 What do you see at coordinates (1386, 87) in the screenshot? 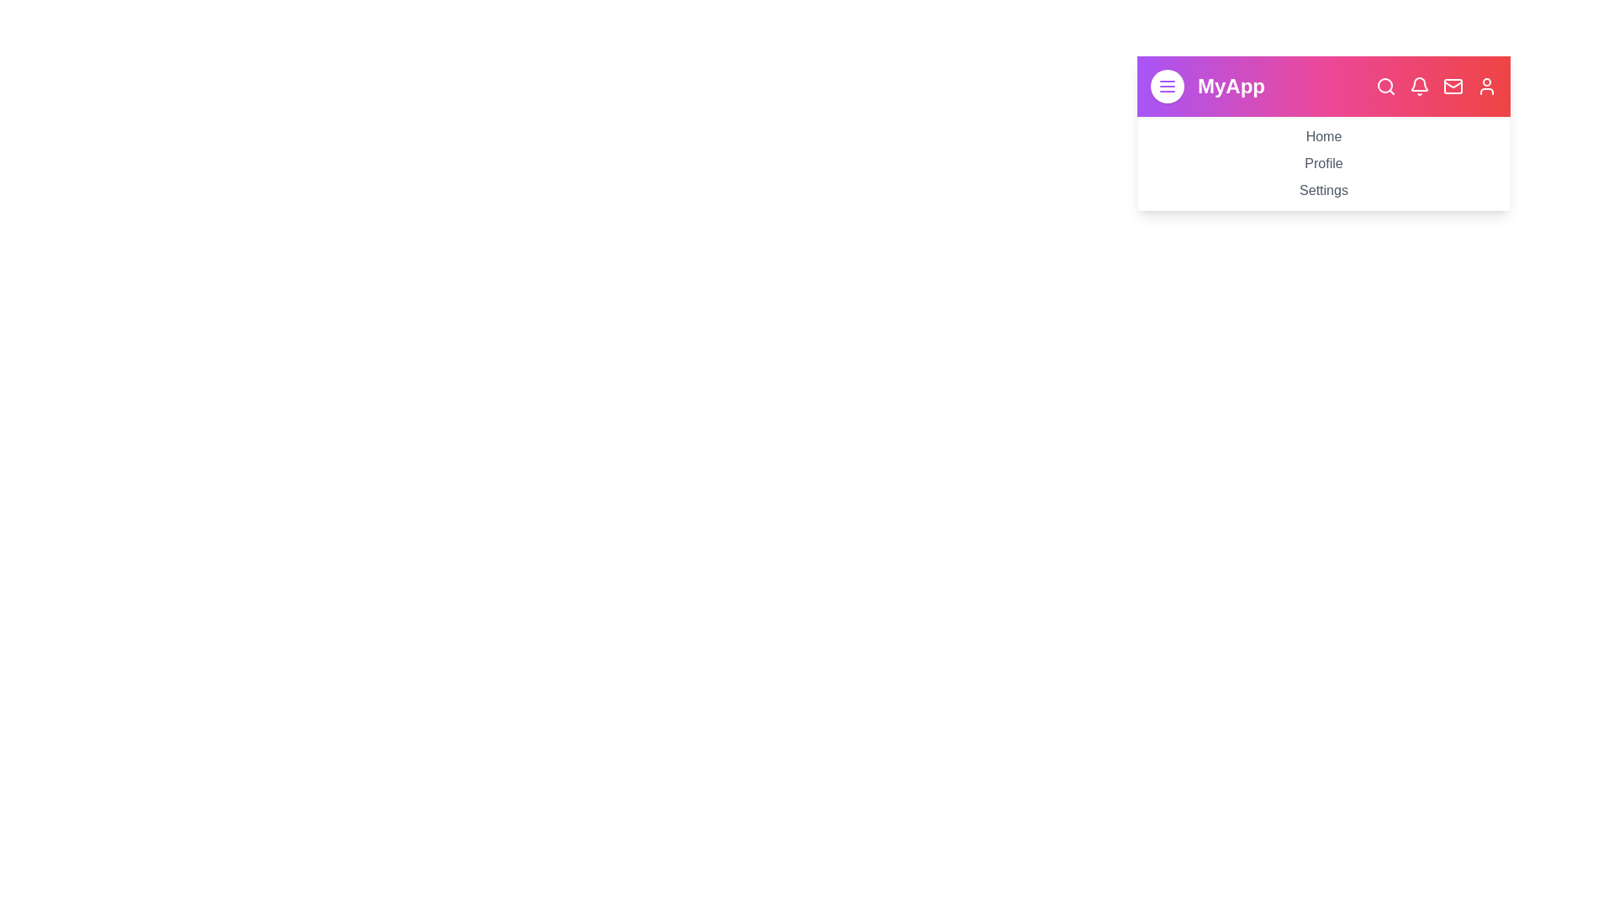
I see `the navigation bar icon corresponding to Search` at bounding box center [1386, 87].